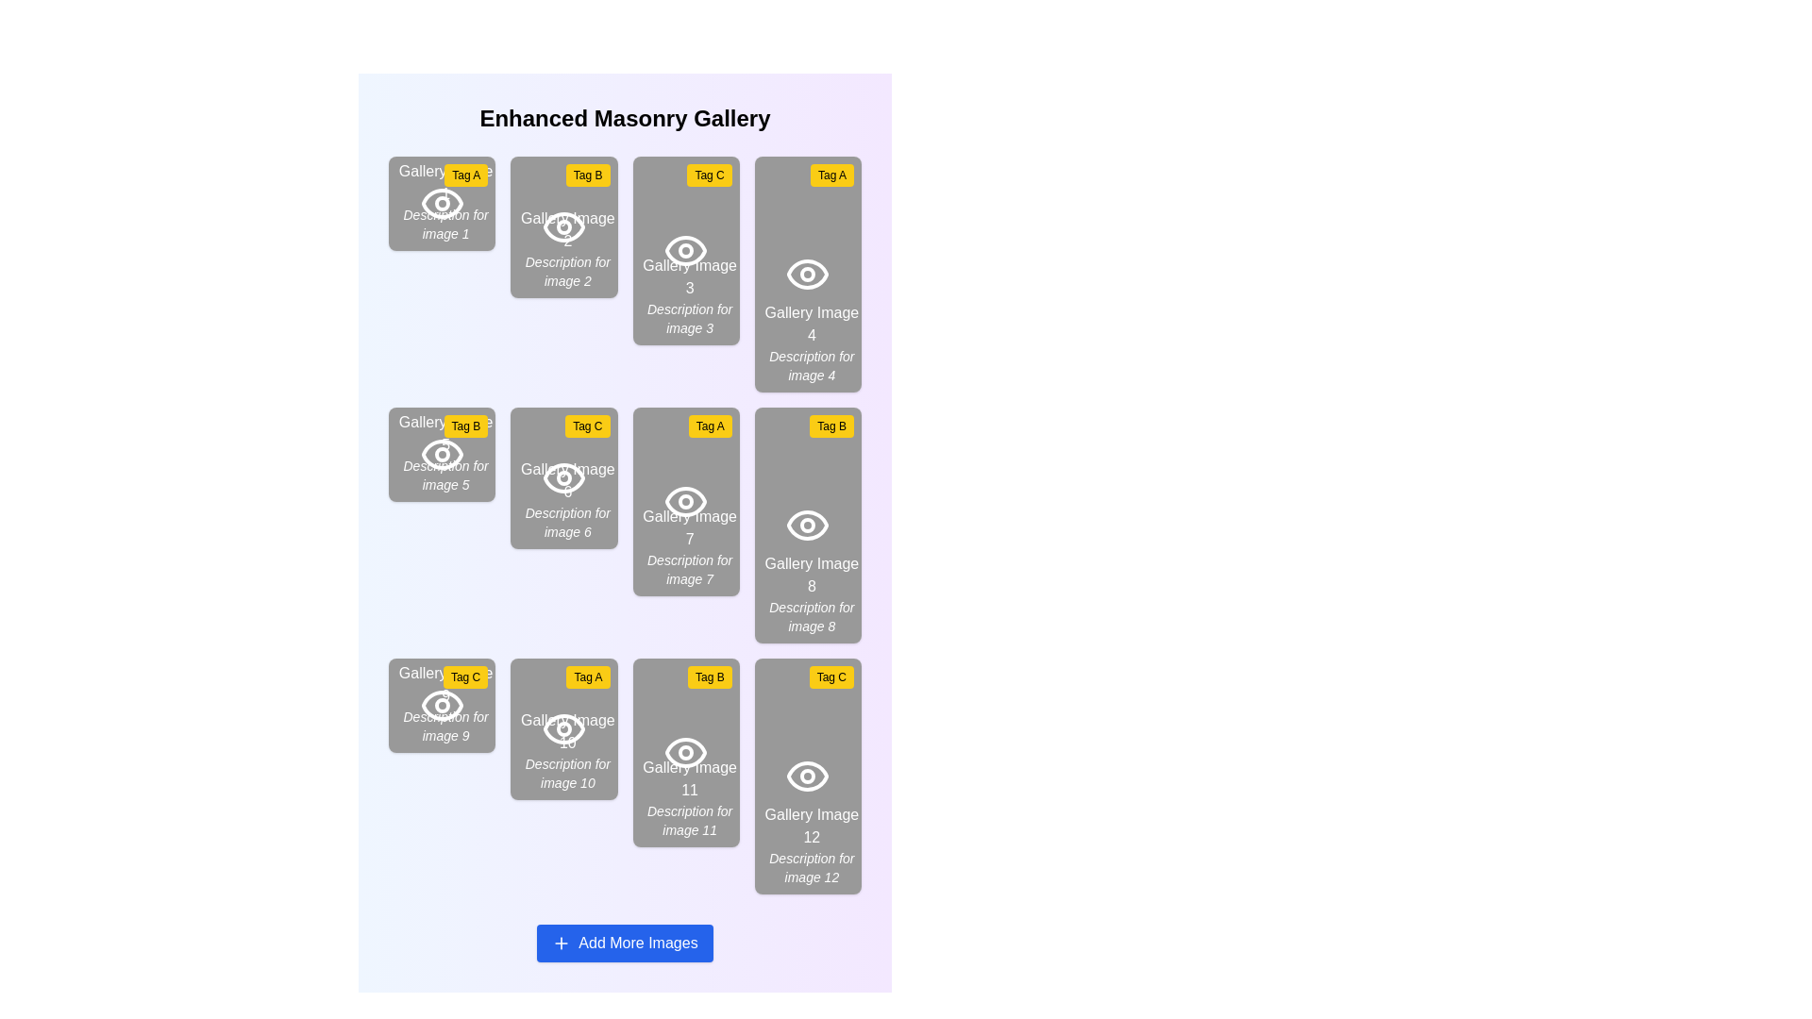 The height and width of the screenshot is (1019, 1812). I want to click on the badge located in the top-right corner of the card titled 'Gallery Image 11', so click(709, 676).